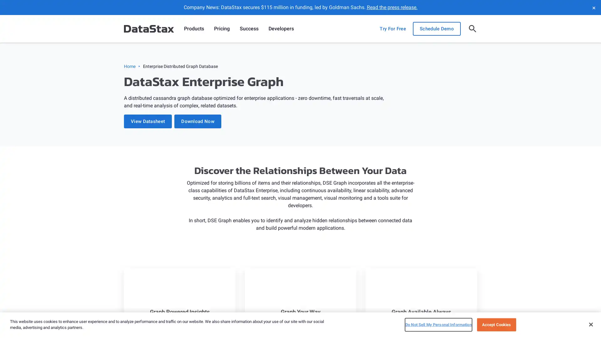 The height and width of the screenshot is (338, 601). Describe the element at coordinates (193, 29) in the screenshot. I see `Products` at that location.